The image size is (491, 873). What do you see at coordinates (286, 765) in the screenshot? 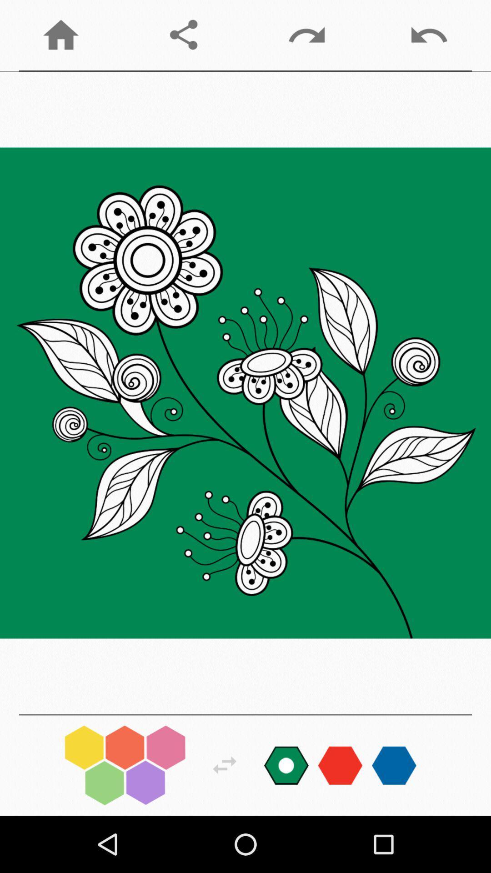
I see `changes color palette` at bounding box center [286, 765].